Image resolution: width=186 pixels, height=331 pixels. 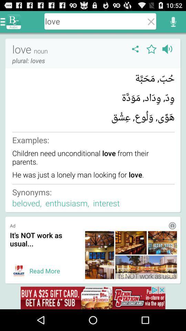 I want to click on open advertisement, so click(x=93, y=298).